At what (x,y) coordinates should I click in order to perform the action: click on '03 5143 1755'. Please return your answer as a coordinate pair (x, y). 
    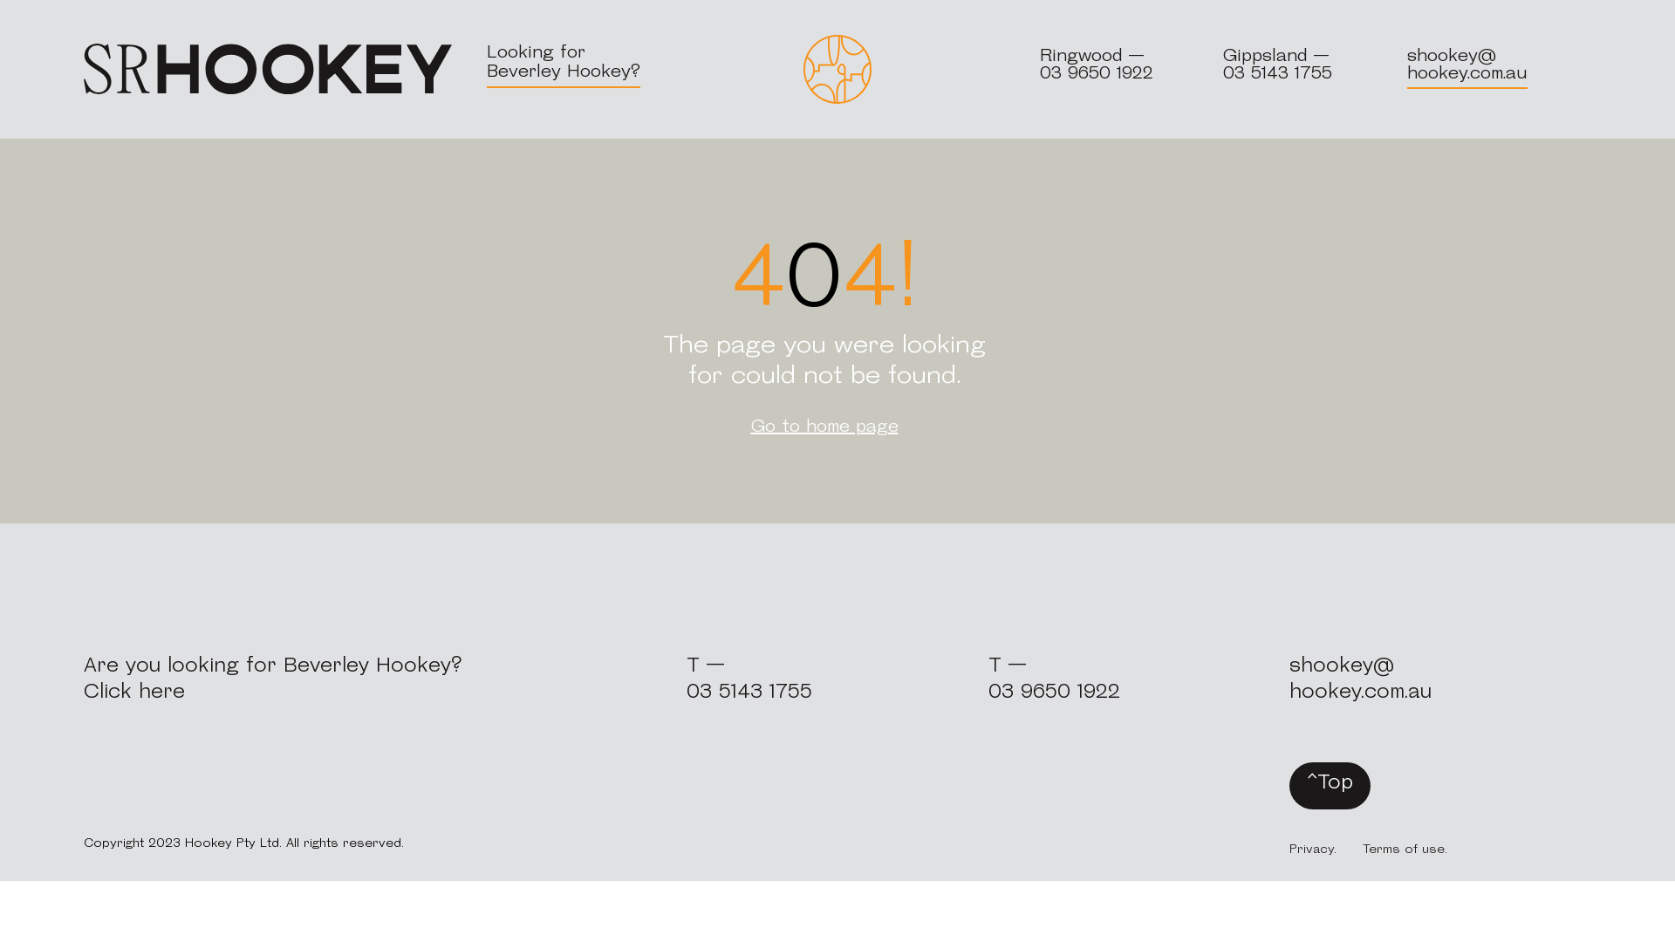
    Looking at the image, I should click on (749, 692).